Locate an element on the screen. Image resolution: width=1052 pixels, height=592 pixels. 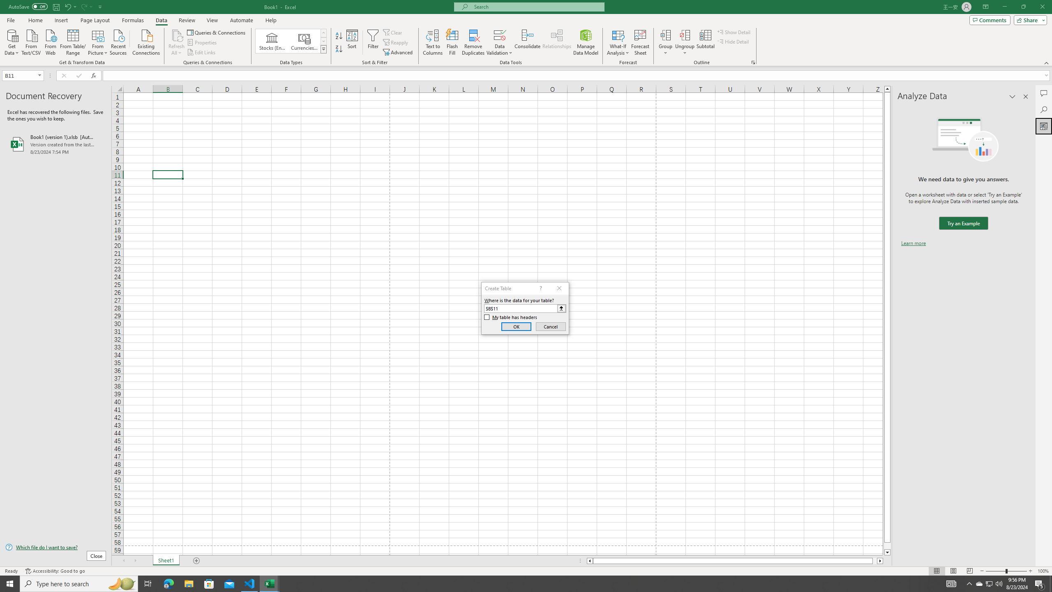
'From Web' is located at coordinates (50, 41).